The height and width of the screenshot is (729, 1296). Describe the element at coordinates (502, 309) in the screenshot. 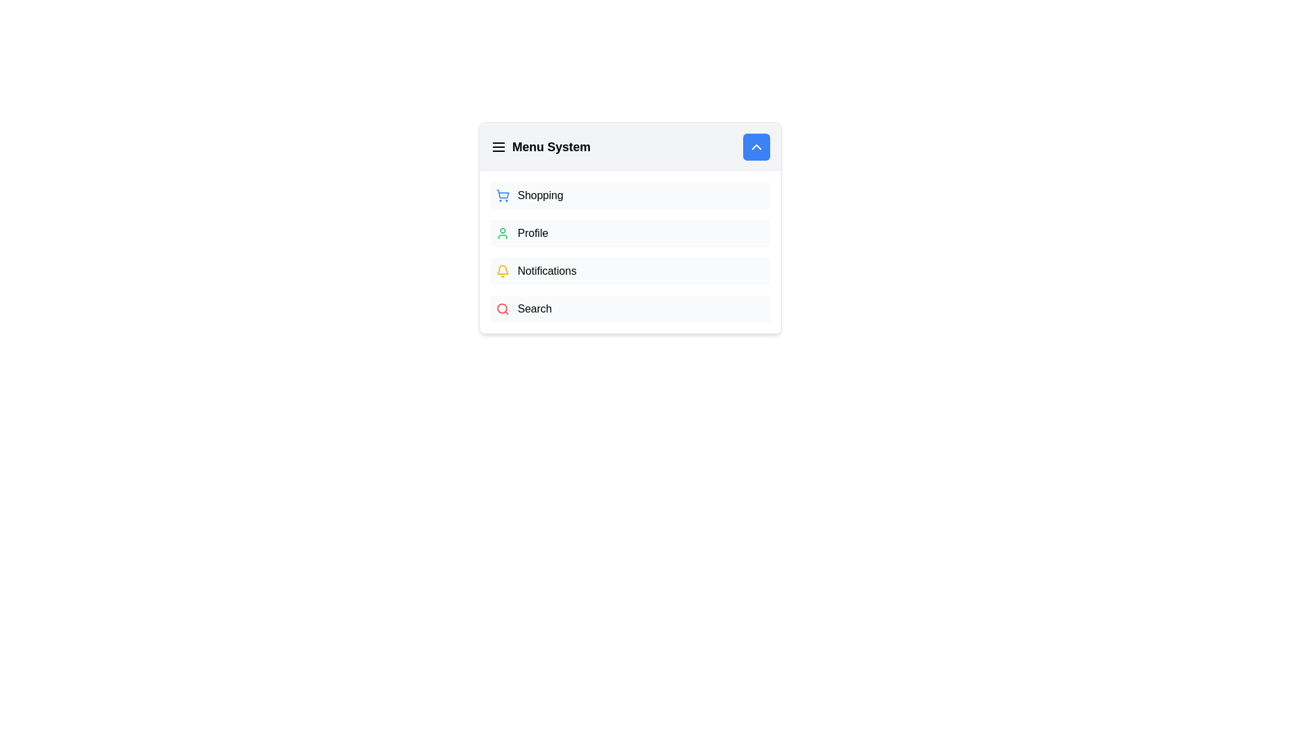

I see `the red outlined magnifying glass icon associated with the search functionality, located to the left of the 'Search' label in the menu` at that location.